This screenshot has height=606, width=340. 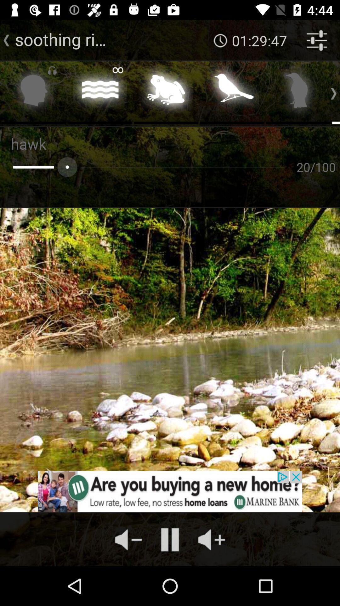 What do you see at coordinates (34, 92) in the screenshot?
I see `listen` at bounding box center [34, 92].